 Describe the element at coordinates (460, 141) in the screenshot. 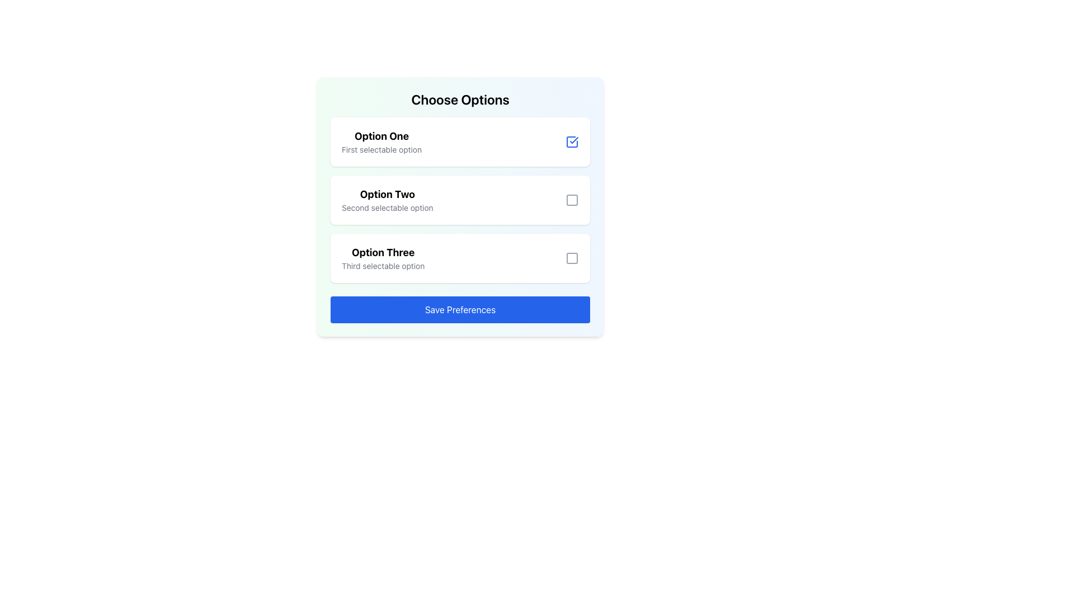

I see `the SelectableCard titled 'Option One' with the subtitle 'First selectable option'` at that location.